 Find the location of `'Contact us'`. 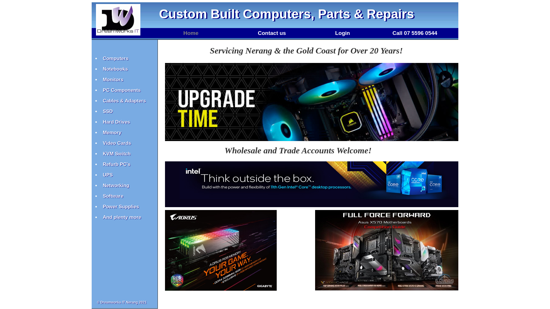

'Contact us' is located at coordinates (272, 33).